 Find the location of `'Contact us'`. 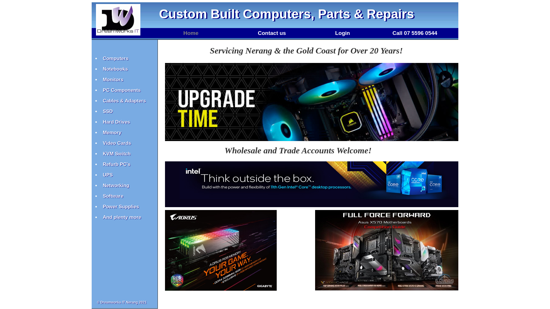

'Contact us' is located at coordinates (272, 33).